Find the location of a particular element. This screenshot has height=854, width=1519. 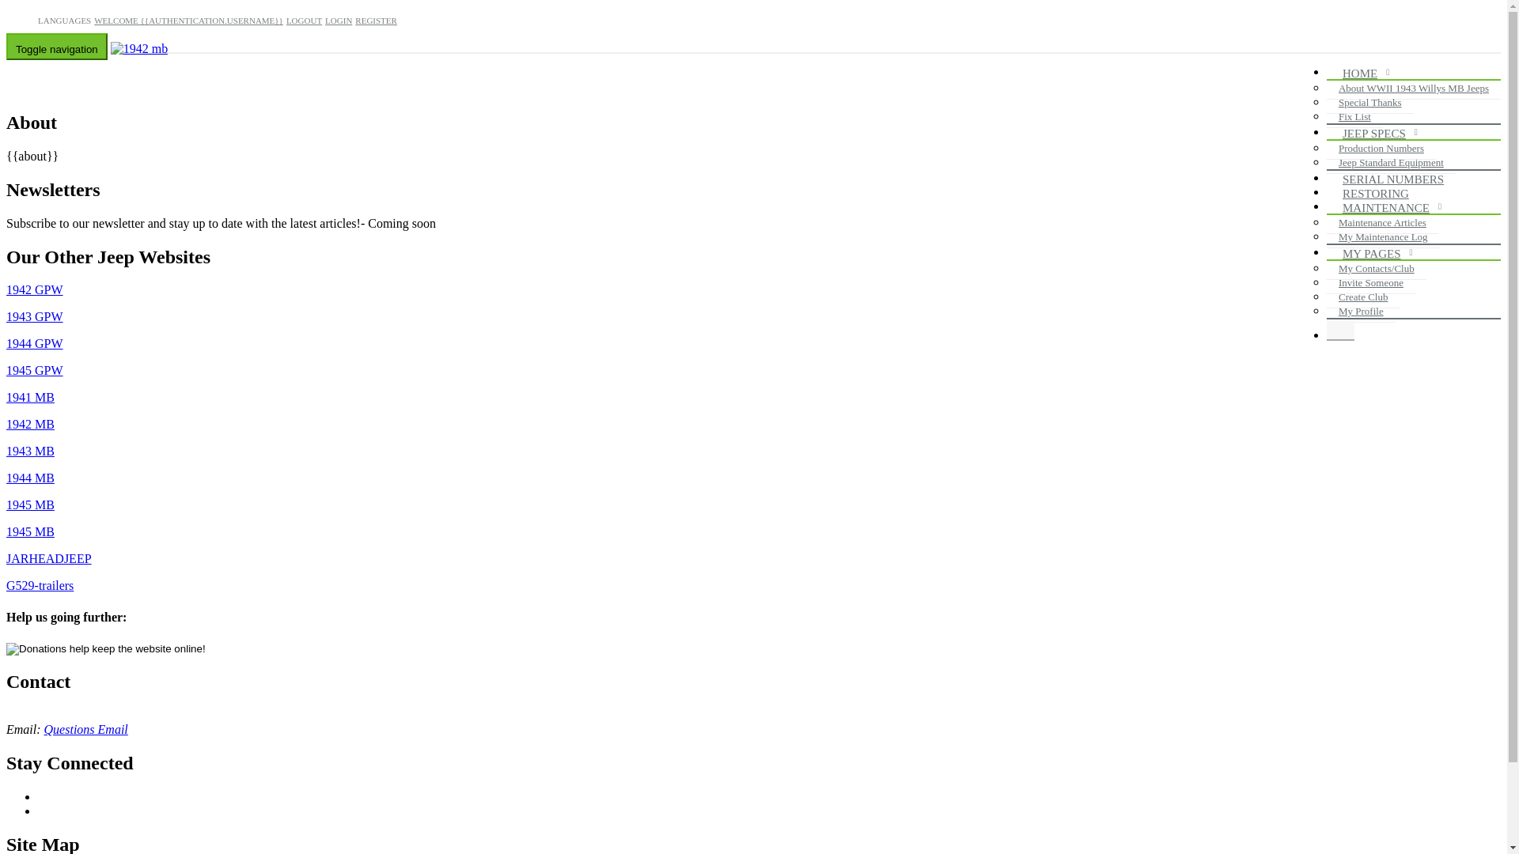

'MY PAGES' is located at coordinates (1374, 253).